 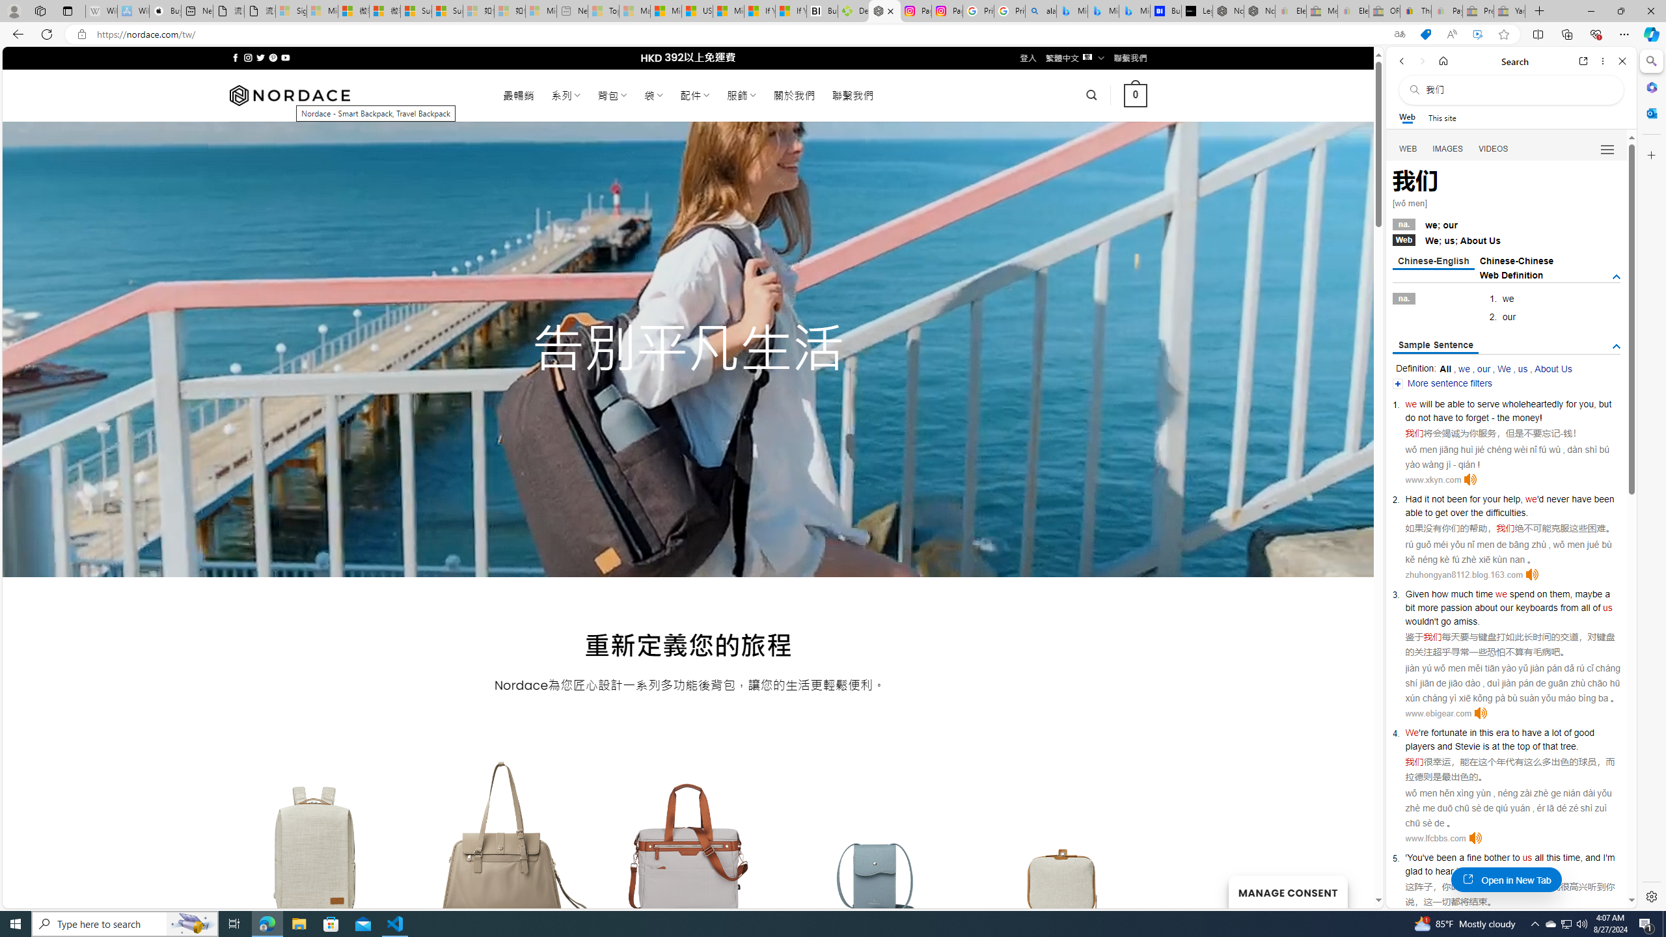 I want to click on 'is', so click(x=1485, y=745).